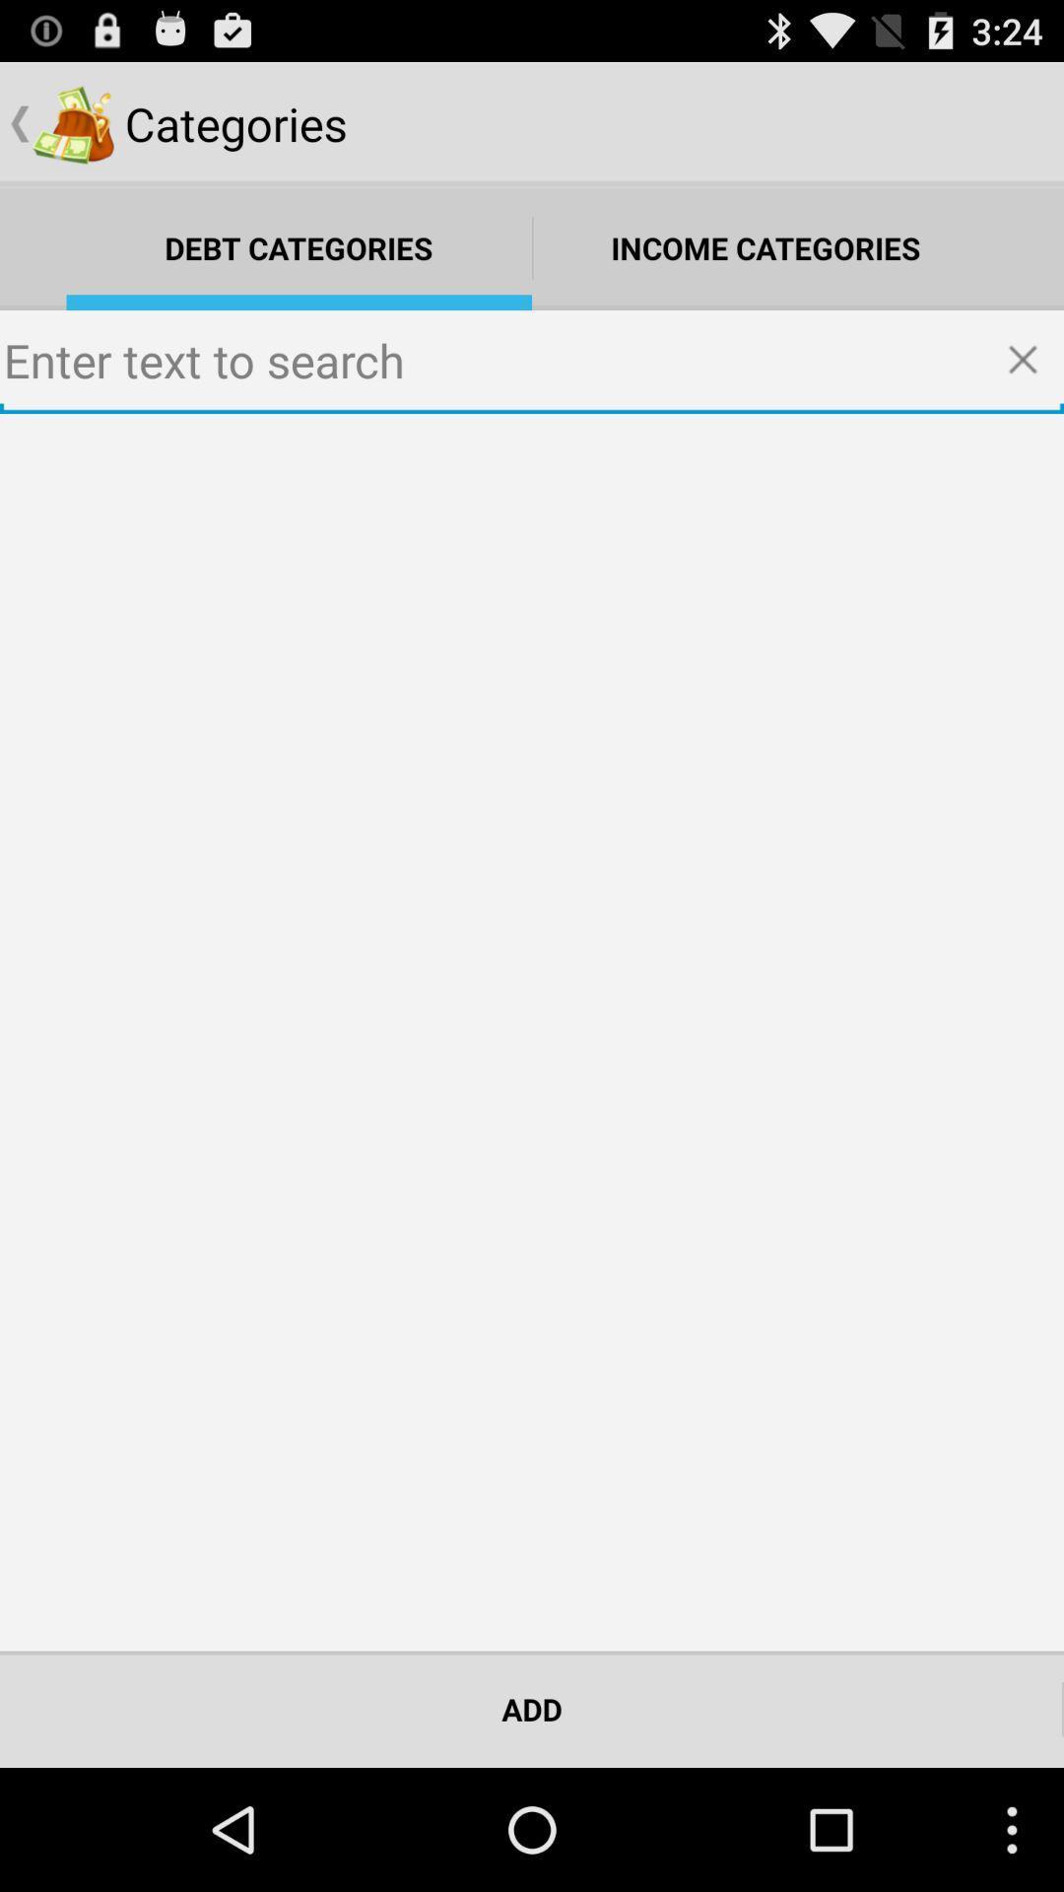 Image resolution: width=1064 pixels, height=1892 pixels. What do you see at coordinates (532, 362) in the screenshot?
I see `search engine` at bounding box center [532, 362].